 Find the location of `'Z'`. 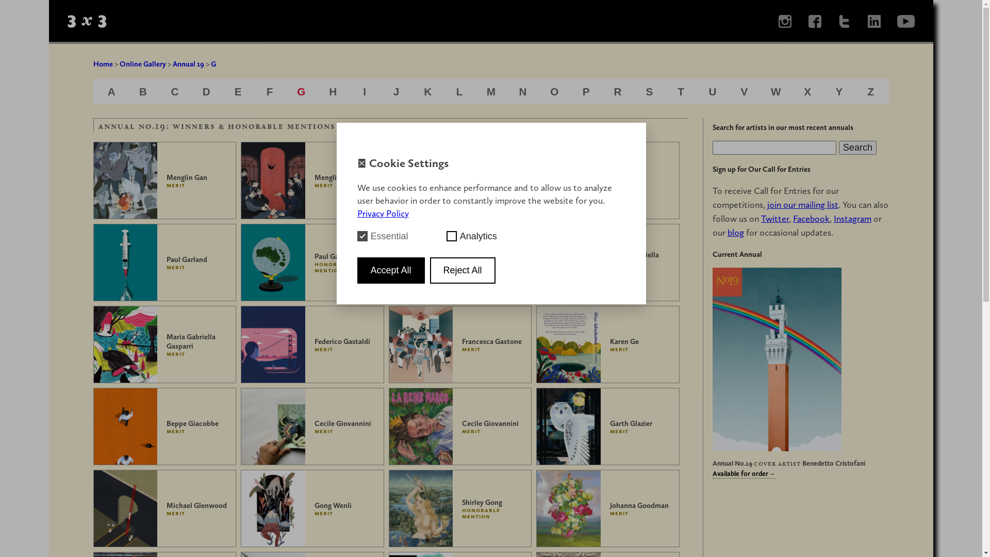

'Z' is located at coordinates (870, 91).